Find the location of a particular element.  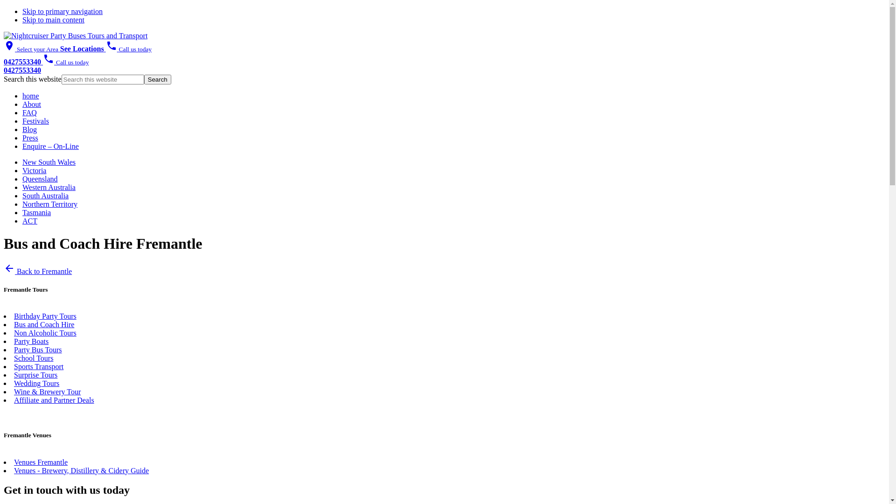

'FAQ' is located at coordinates (29, 112).